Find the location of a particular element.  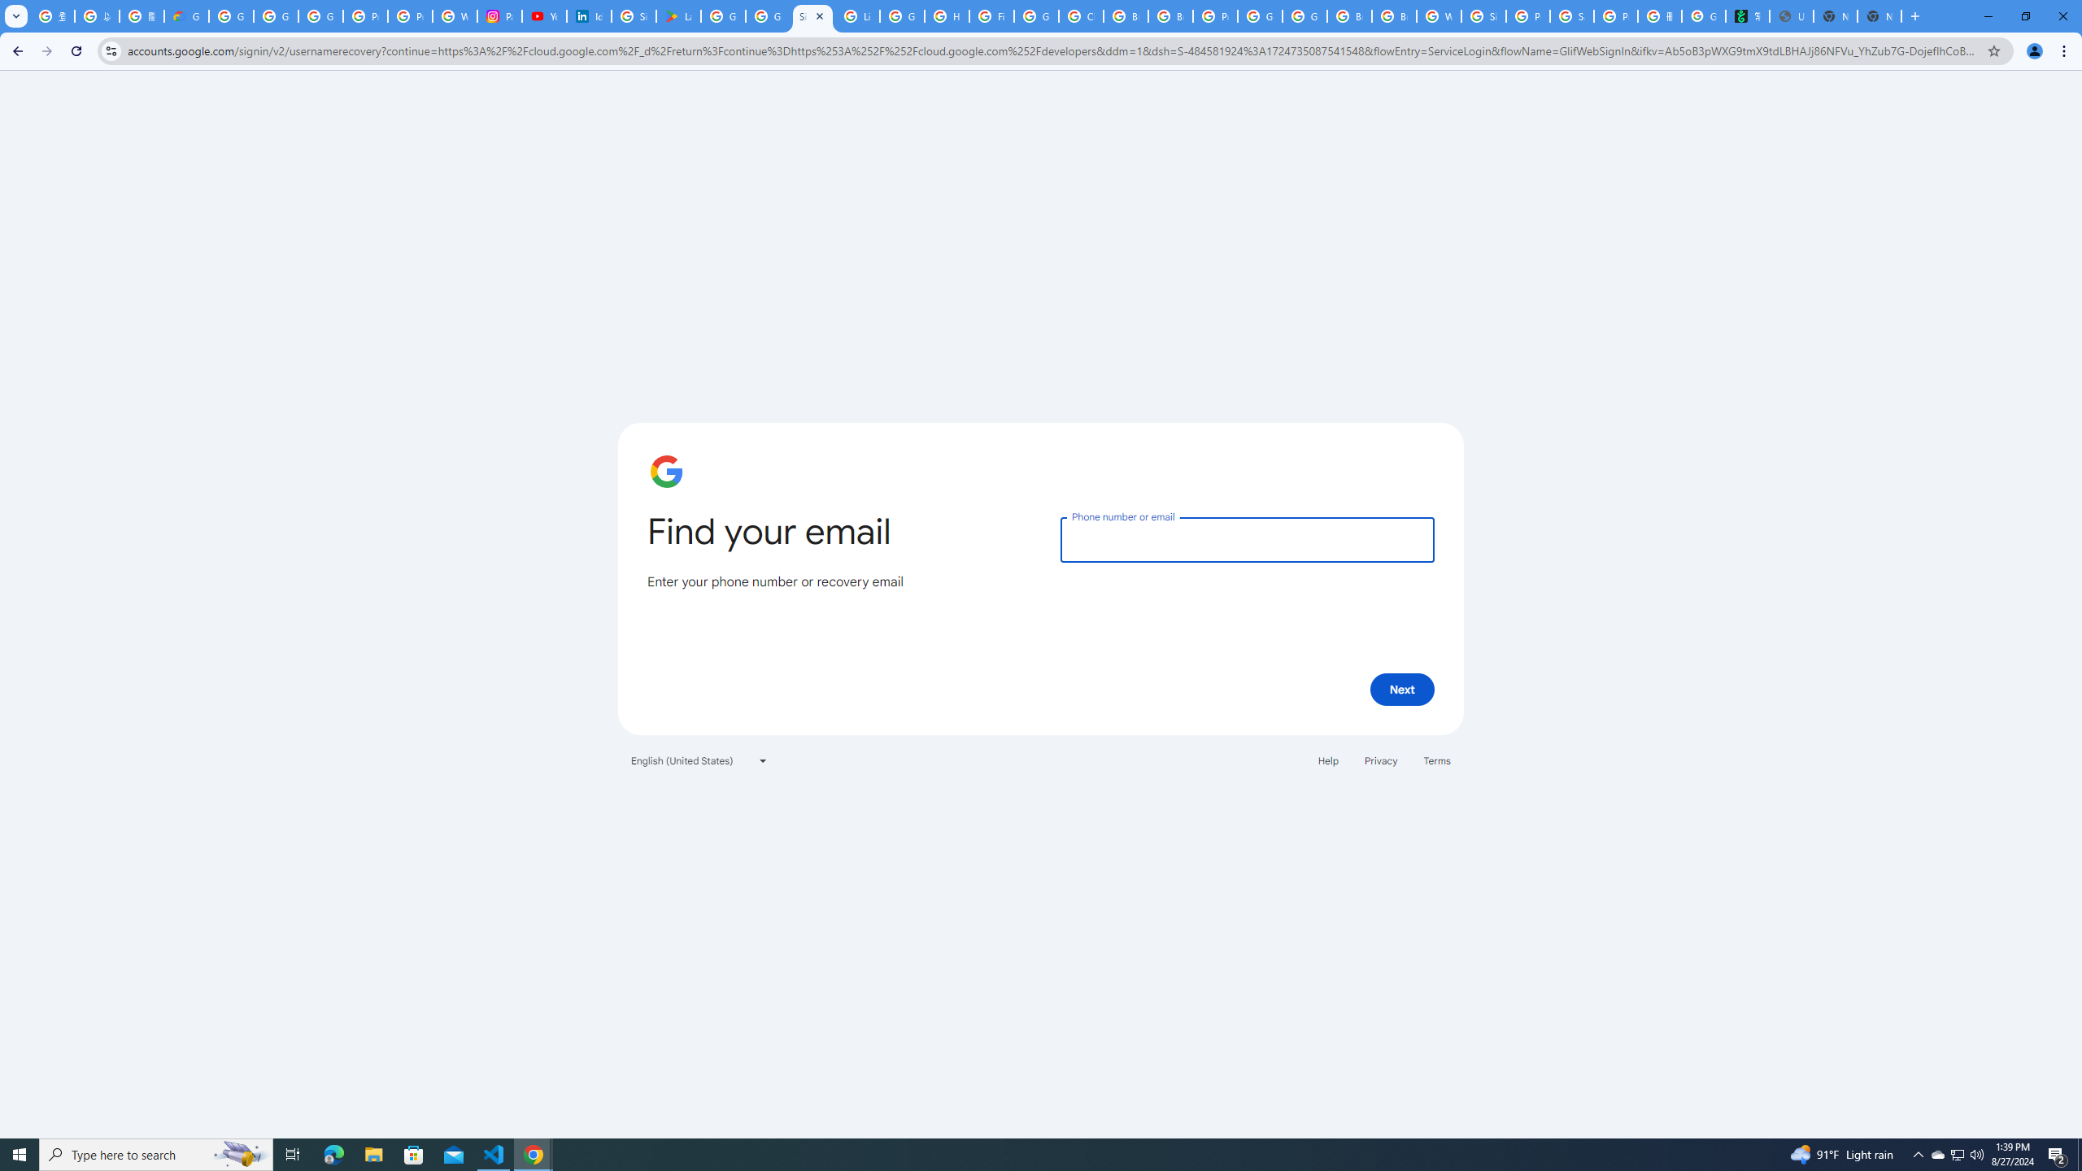

'Google Cloud Platform' is located at coordinates (1303, 15).